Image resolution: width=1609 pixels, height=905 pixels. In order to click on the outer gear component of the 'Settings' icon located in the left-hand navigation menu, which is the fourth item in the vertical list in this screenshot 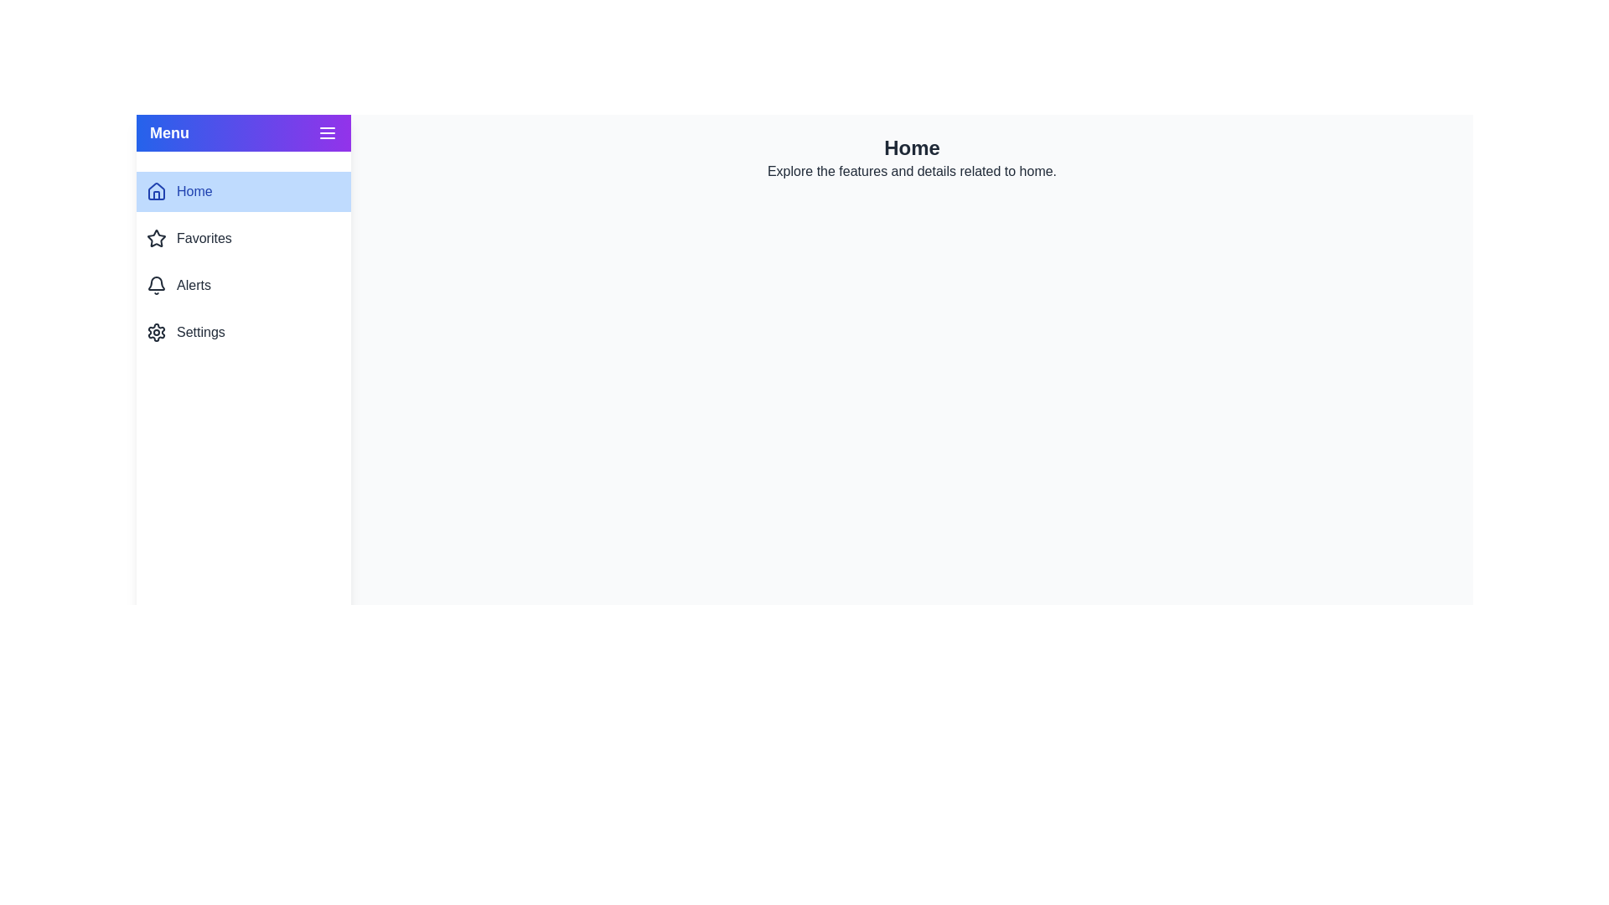, I will do `click(157, 333)`.